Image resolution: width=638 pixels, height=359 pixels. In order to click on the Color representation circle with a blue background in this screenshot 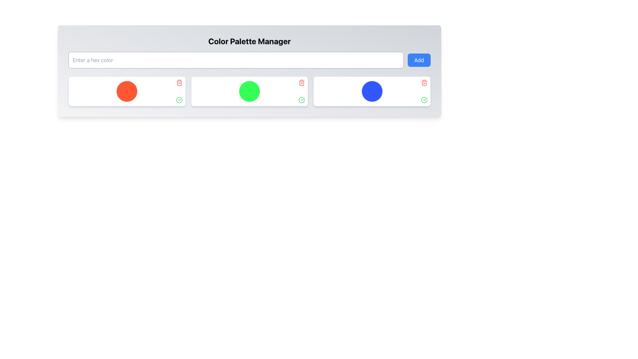, I will do `click(372, 91)`.